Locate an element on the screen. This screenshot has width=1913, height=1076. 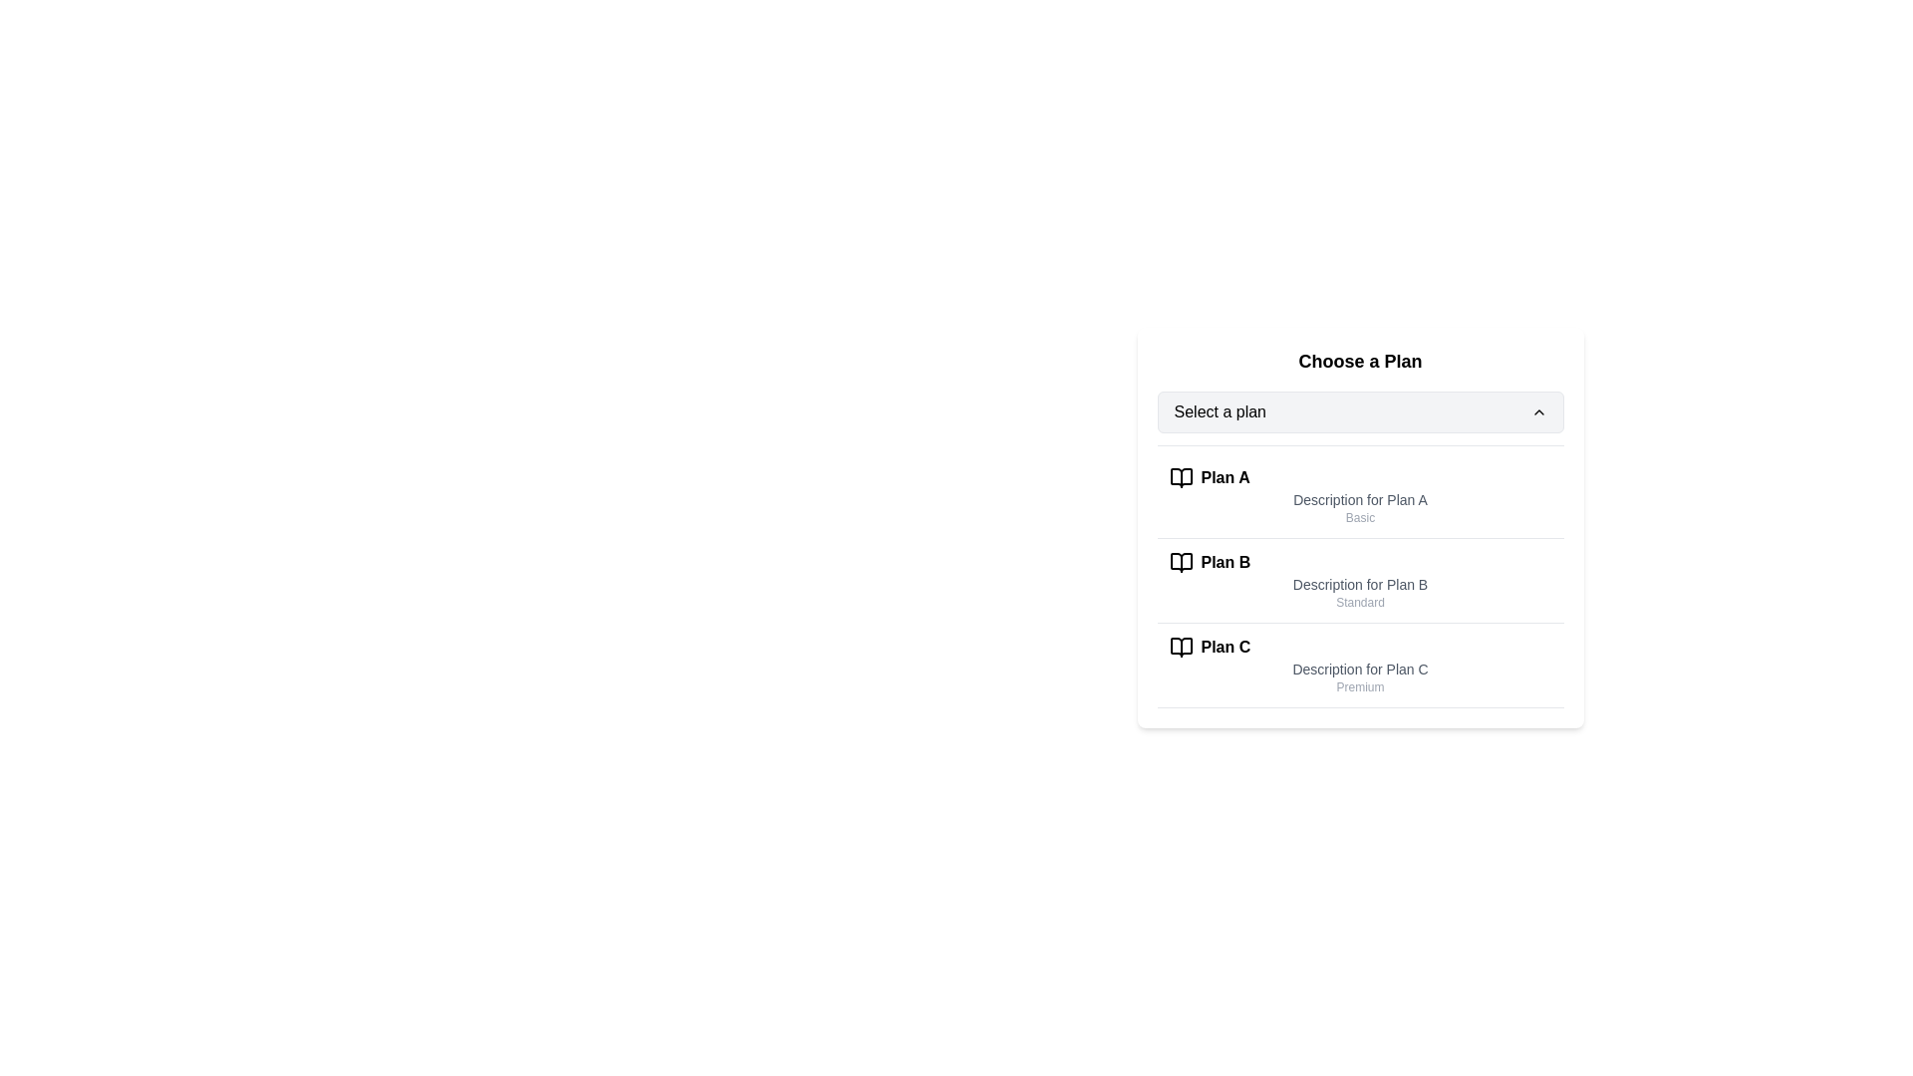
the Header text that serves as a section heading above the 'Select a plan' dropdown in a white card-like box is located at coordinates (1359, 361).